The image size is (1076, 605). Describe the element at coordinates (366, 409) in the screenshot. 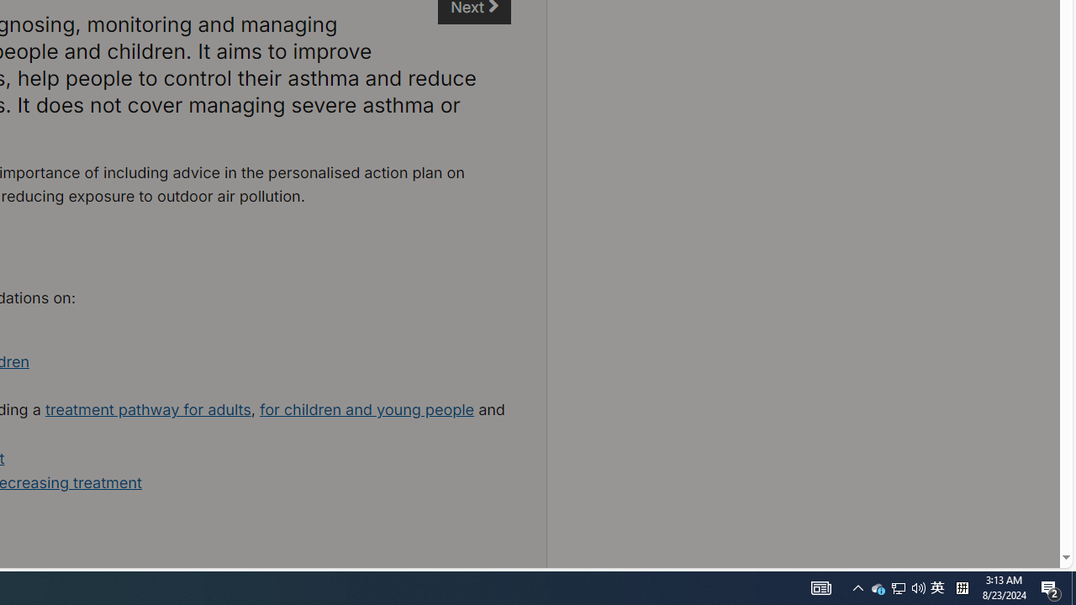

I see `'for children and young people'` at that location.